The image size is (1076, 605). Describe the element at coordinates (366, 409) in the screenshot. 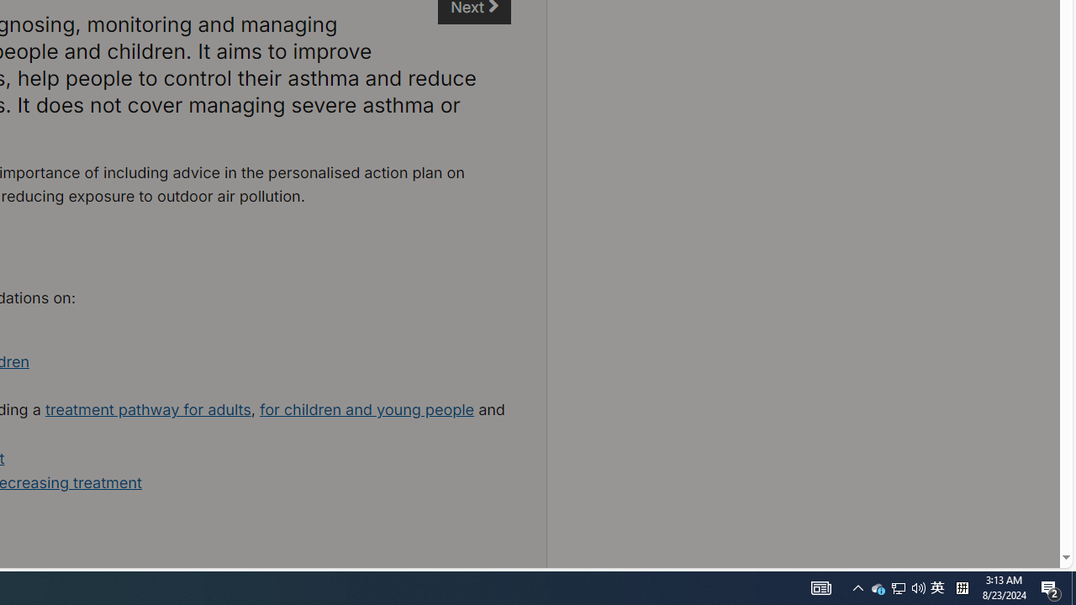

I see `'for children and young people'` at that location.